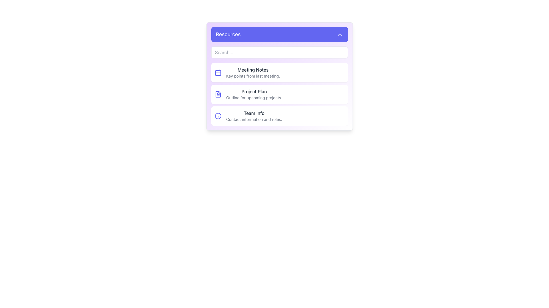 Image resolution: width=549 pixels, height=308 pixels. I want to click on the third element titled 'Team Info' in the vertically stacked group of three elements, so click(280, 116).